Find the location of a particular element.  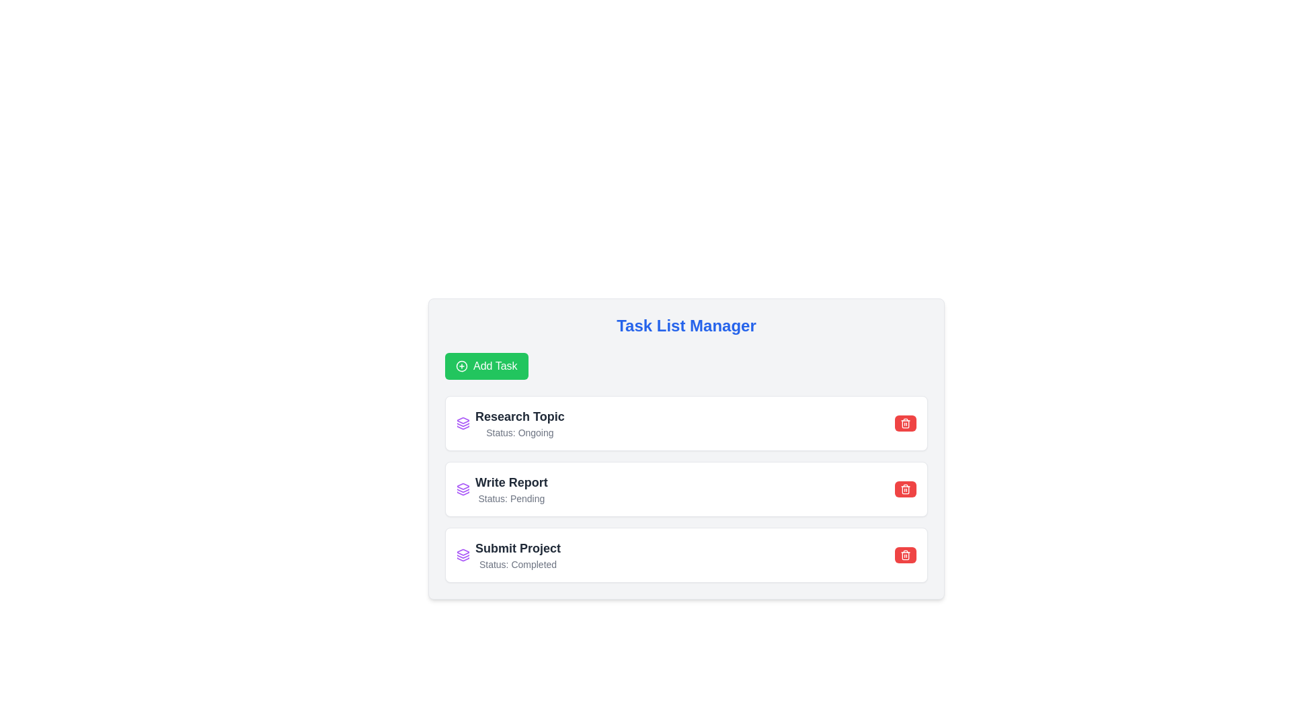

the red trash can icon embedded within a button is located at coordinates (906, 422).